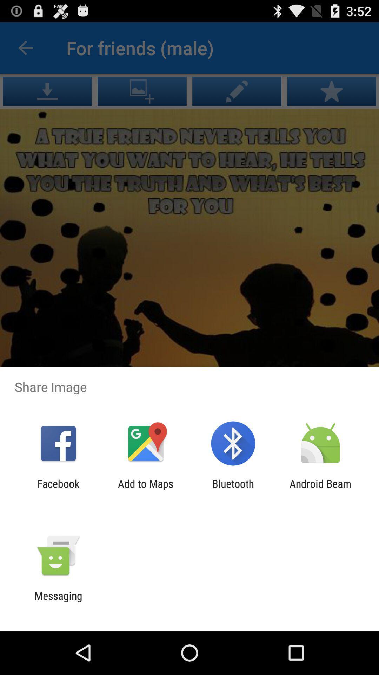 Image resolution: width=379 pixels, height=675 pixels. Describe the element at coordinates (145, 489) in the screenshot. I see `icon next to bluetooth` at that location.